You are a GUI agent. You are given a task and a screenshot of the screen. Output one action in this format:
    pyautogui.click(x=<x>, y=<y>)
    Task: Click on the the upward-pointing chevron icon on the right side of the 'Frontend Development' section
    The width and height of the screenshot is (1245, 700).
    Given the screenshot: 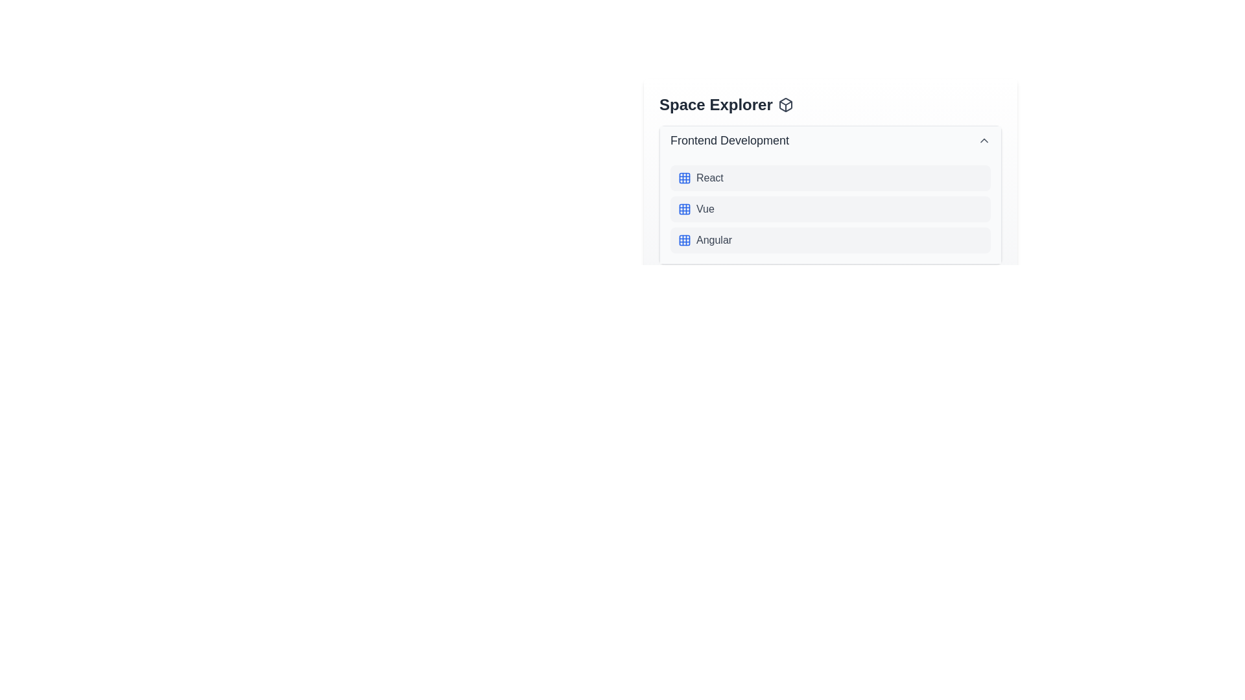 What is the action you would take?
    pyautogui.click(x=984, y=140)
    